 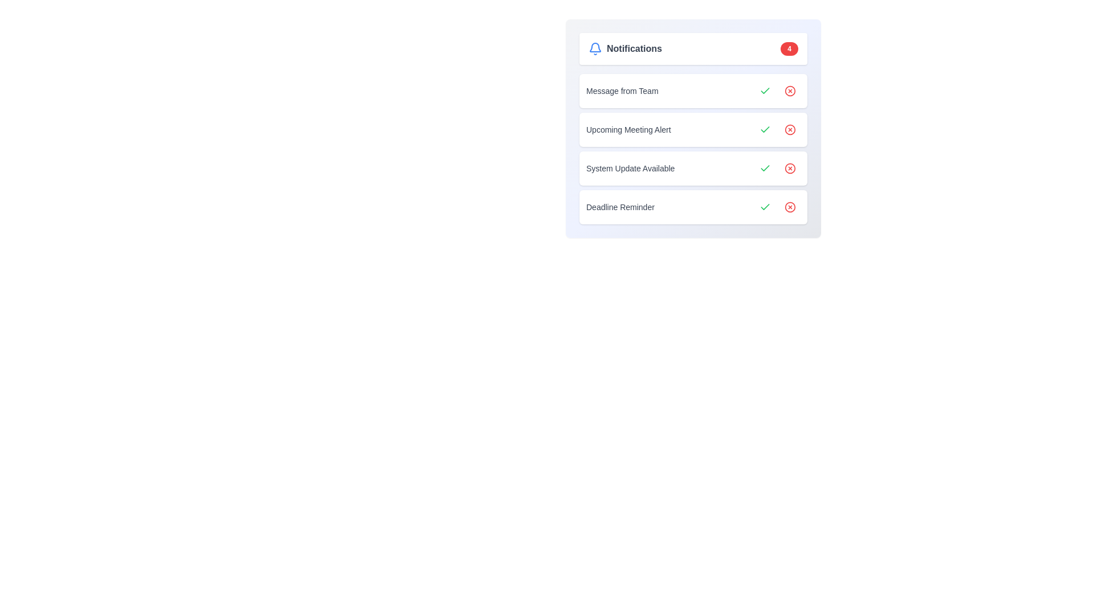 What do you see at coordinates (765, 169) in the screenshot?
I see `the circular button with a green checkmark icon to confirm or resolve the notification located next to the 'System Update Available' text` at bounding box center [765, 169].